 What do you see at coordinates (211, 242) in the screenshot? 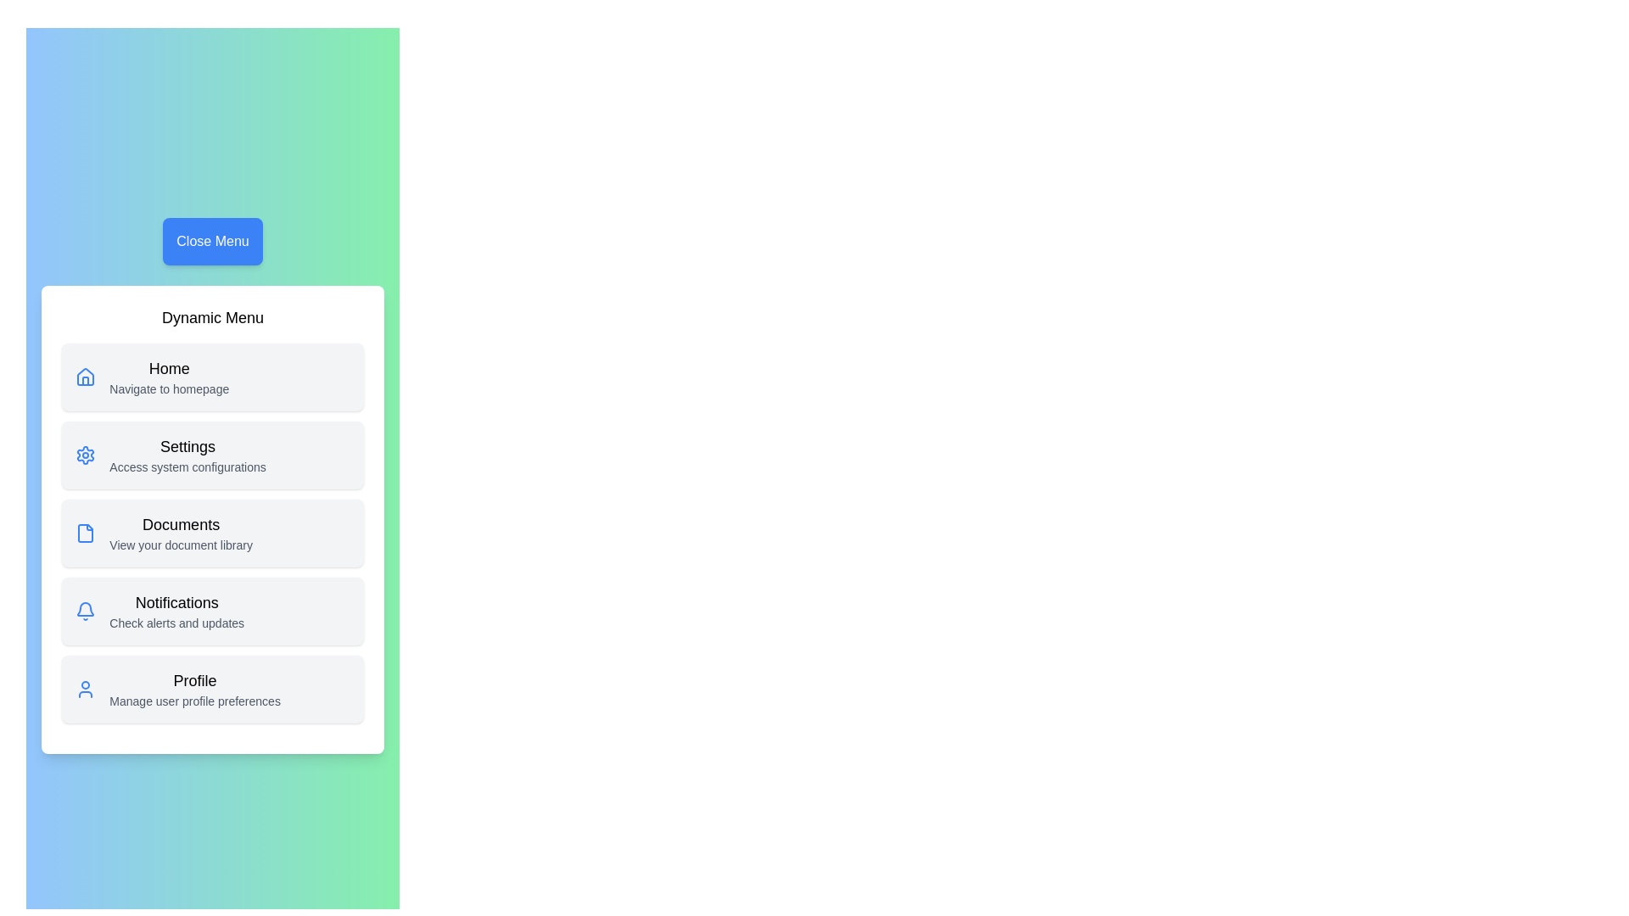
I see `the 'Close Menu' button to toggle the menu visibility` at bounding box center [211, 242].